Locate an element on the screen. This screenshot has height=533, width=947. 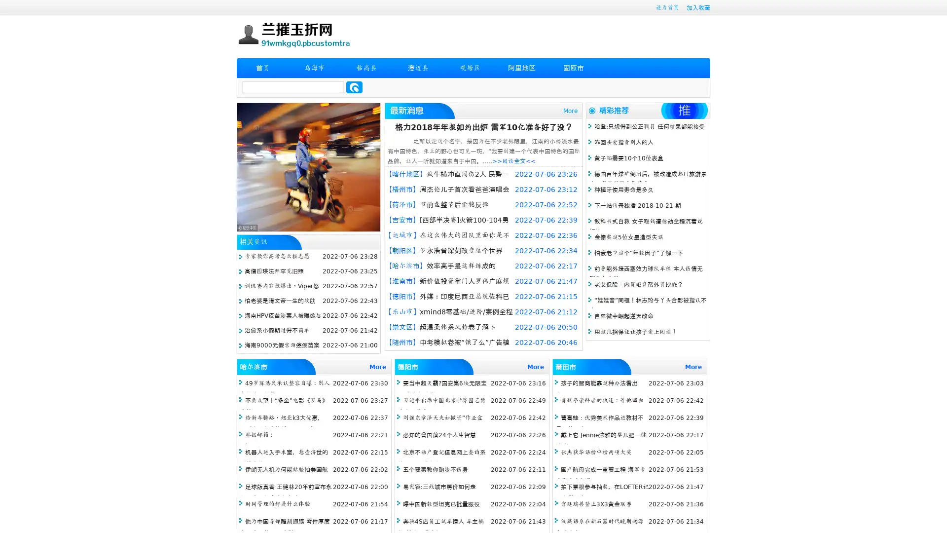
Search is located at coordinates (354, 87).